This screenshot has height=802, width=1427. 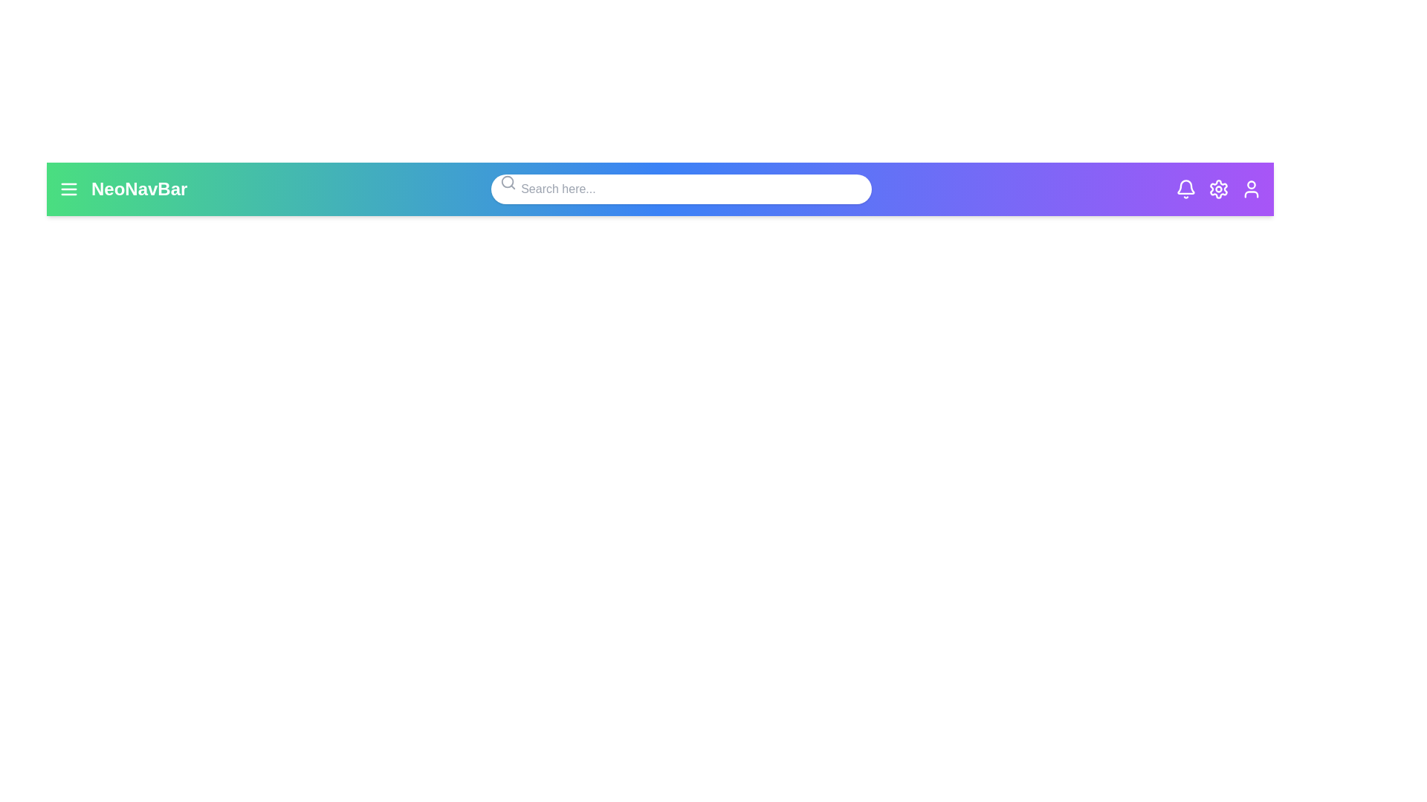 I want to click on the menu icon to toggle the navigation menu, so click(x=68, y=188).